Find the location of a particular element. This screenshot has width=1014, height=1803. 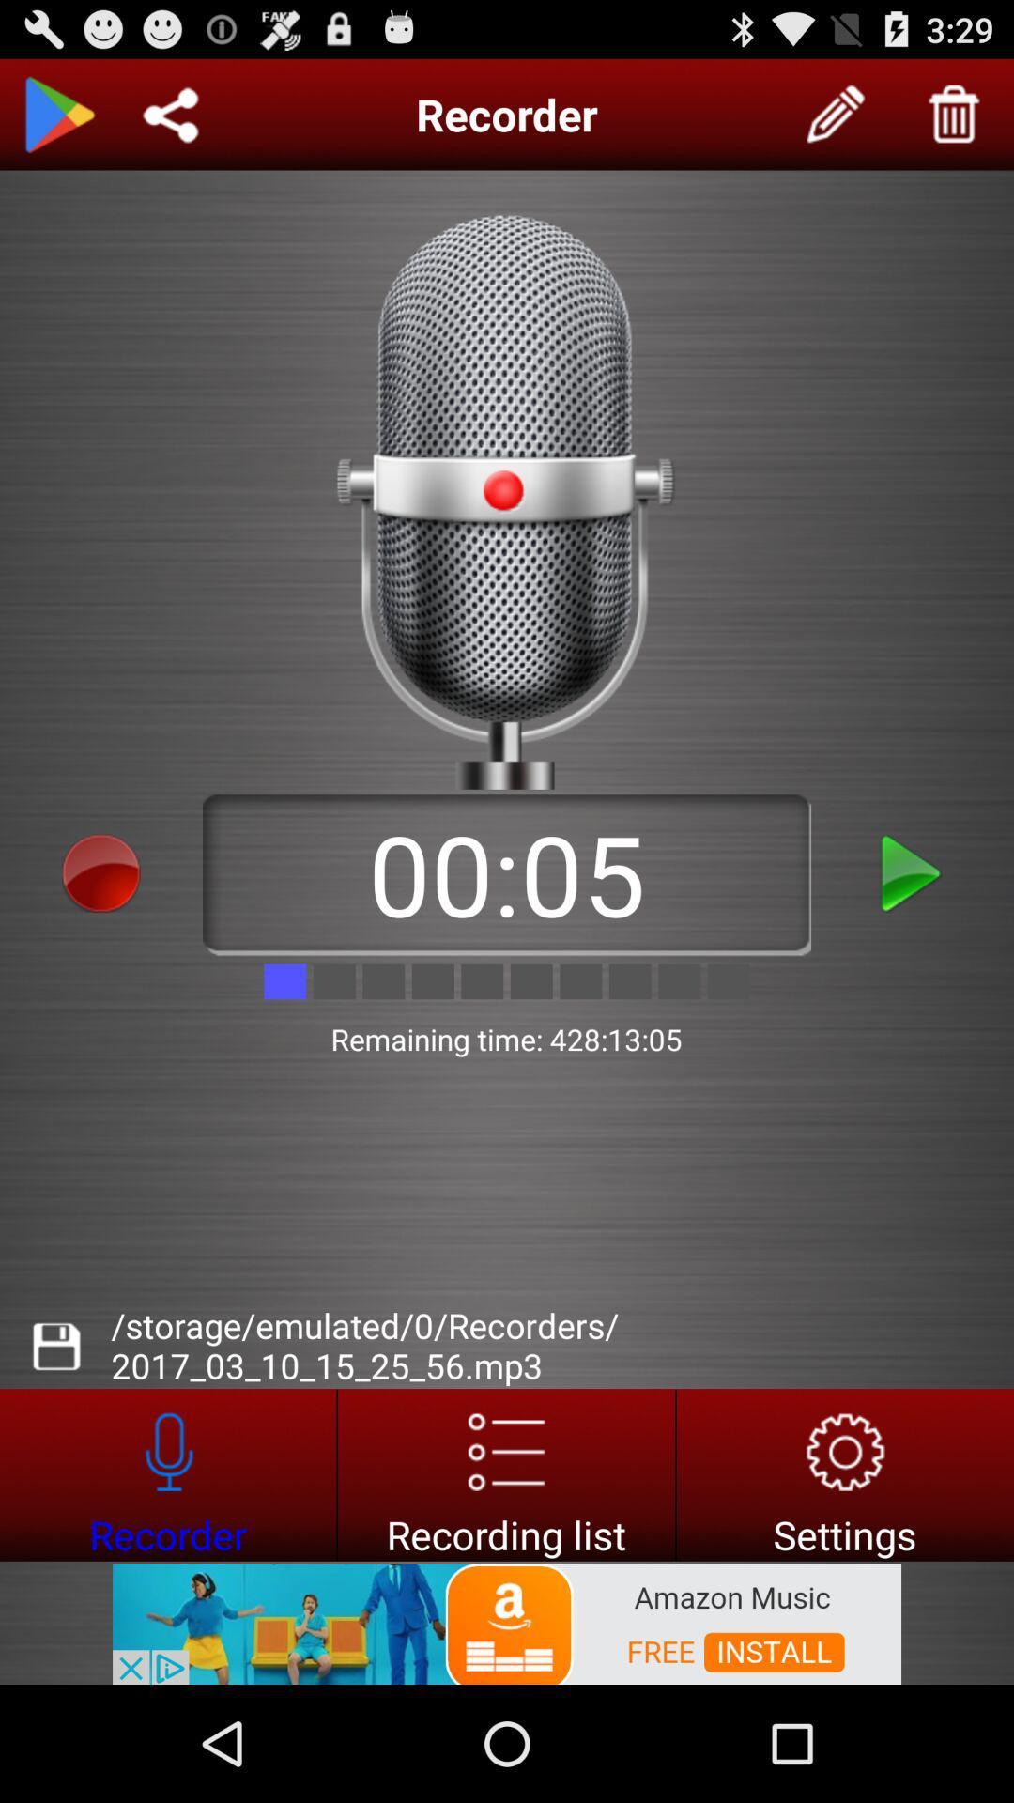

advertisement is located at coordinates (505, 1473).